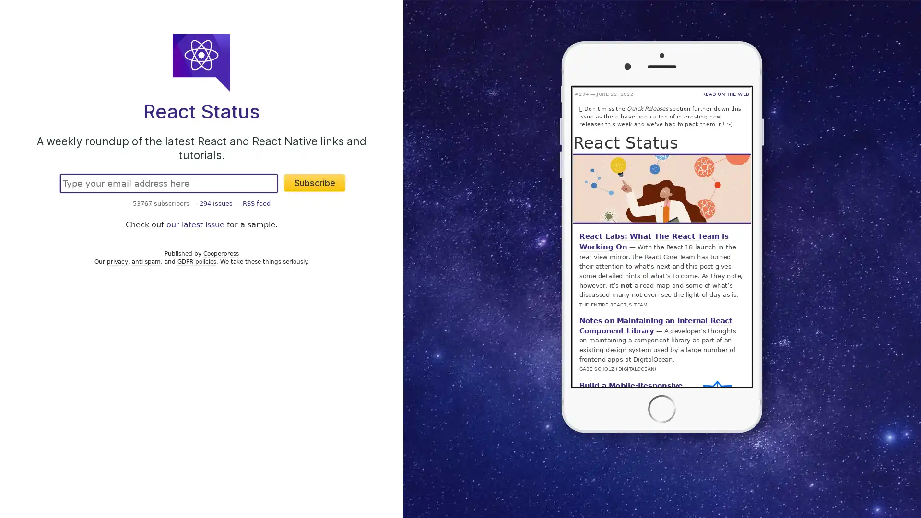 This screenshot has height=518, width=921. What do you see at coordinates (315, 183) in the screenshot?
I see `Subscribe` at bounding box center [315, 183].